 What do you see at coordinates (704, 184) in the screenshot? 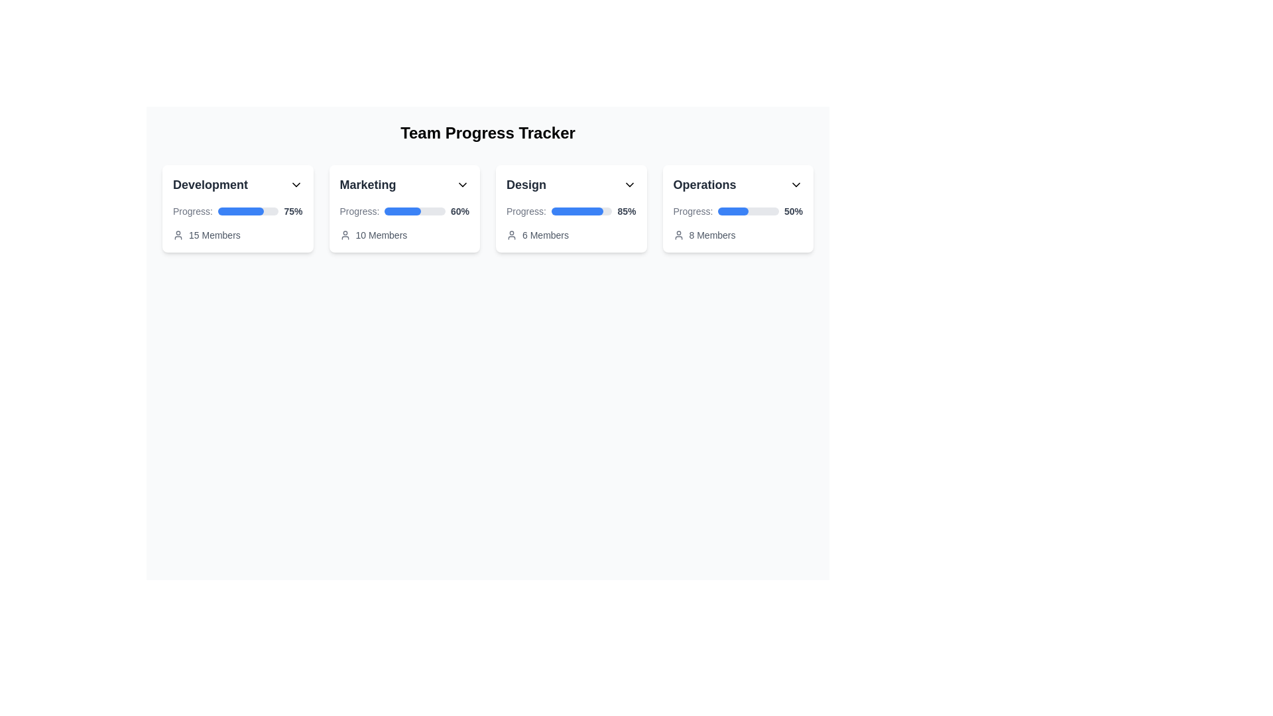
I see `the bold text element labeled 'Operations', which is prominently displayed at the top of the fourth card in the row of cards` at bounding box center [704, 184].